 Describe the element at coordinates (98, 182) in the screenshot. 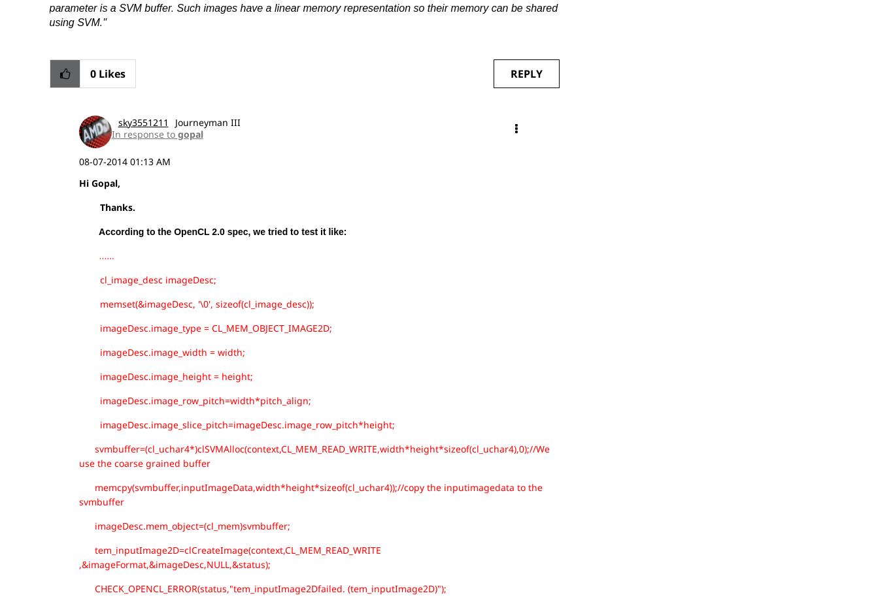

I see `'Hi Gopal,'` at that location.